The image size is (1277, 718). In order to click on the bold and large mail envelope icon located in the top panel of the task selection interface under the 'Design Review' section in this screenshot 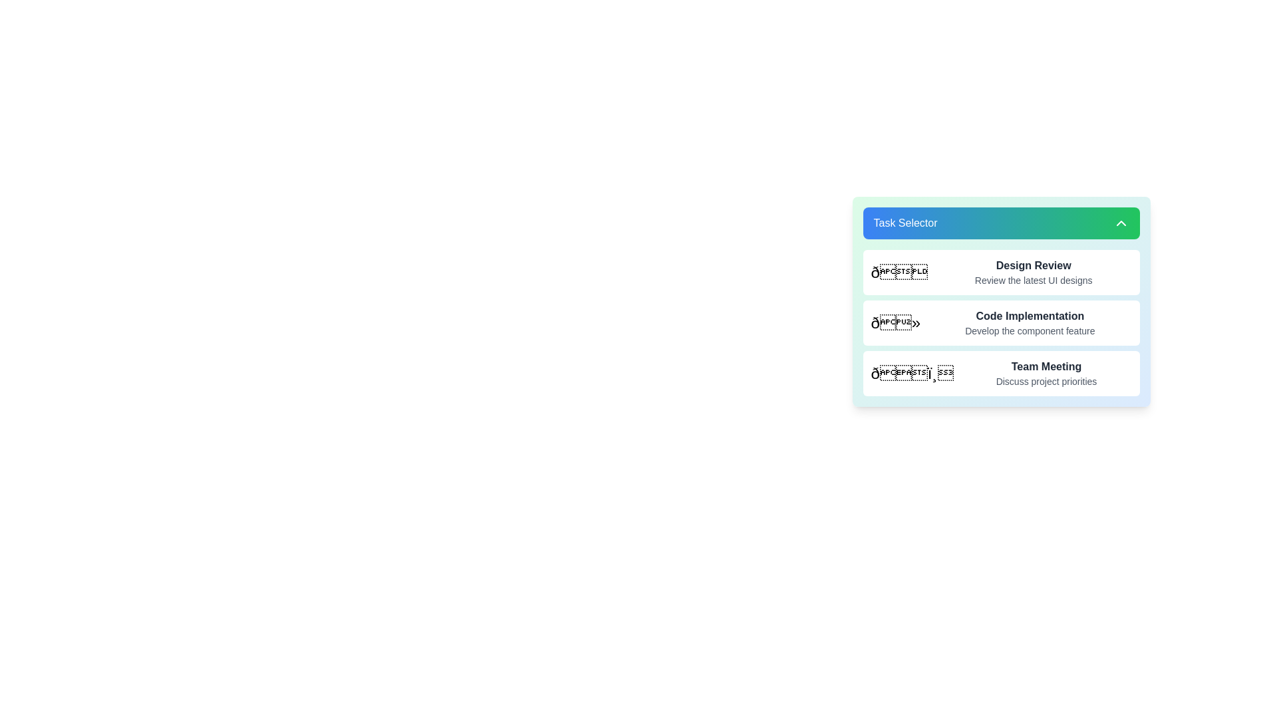, I will do `click(899, 271)`.